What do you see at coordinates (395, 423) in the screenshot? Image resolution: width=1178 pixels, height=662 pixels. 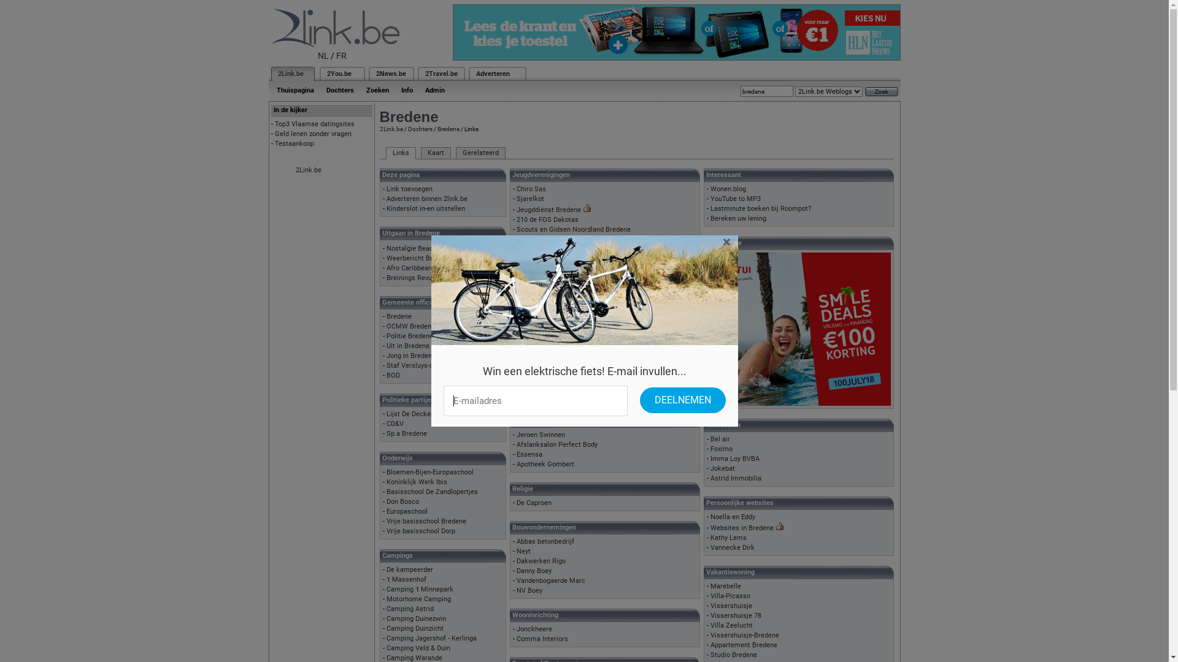 I see `'CD&V'` at bounding box center [395, 423].